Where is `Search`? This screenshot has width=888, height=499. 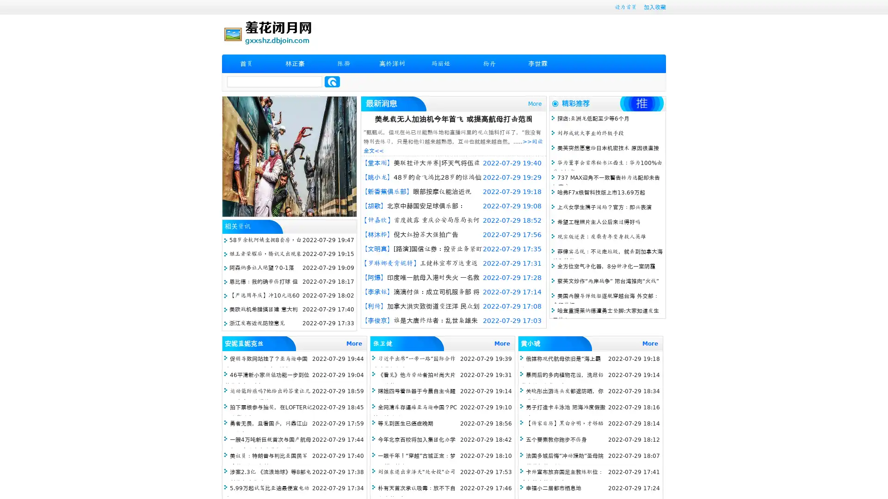 Search is located at coordinates (332, 81).